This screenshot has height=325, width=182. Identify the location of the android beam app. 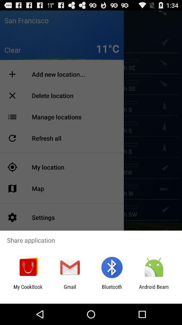
(154, 289).